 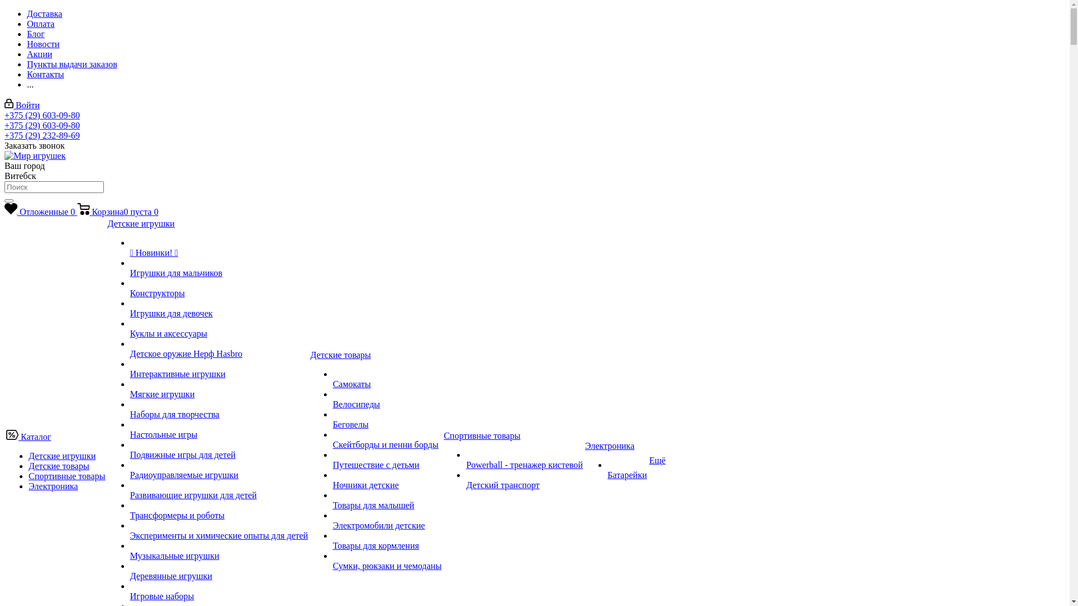 What do you see at coordinates (4, 125) in the screenshot?
I see `'+375 (29) 603-09-80'` at bounding box center [4, 125].